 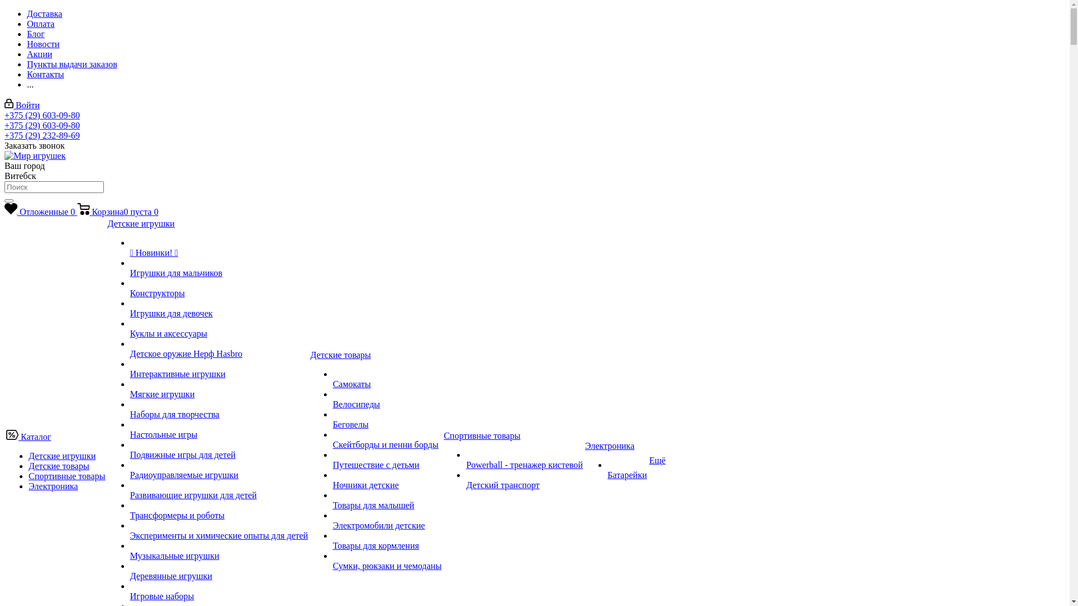 What do you see at coordinates (4, 125) in the screenshot?
I see `'+375 (29) 603-09-80'` at bounding box center [4, 125].